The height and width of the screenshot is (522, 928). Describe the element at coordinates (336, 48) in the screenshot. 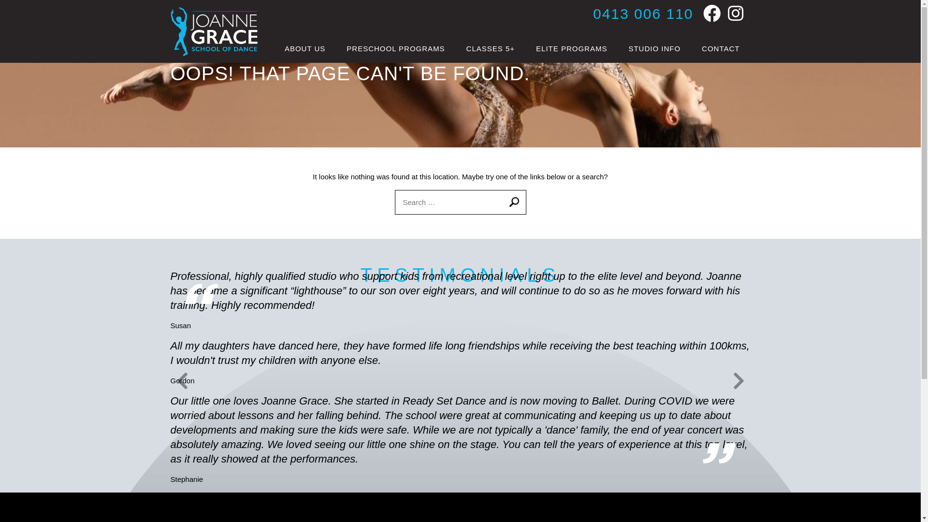

I see `'PRESCHOOL PROGRAMS'` at that location.